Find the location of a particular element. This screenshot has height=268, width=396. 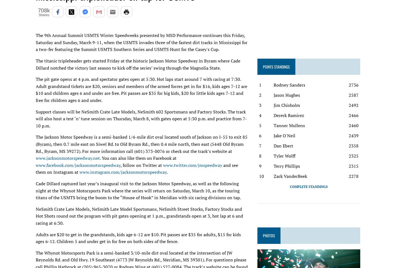

'.' is located at coordinates (167, 172).